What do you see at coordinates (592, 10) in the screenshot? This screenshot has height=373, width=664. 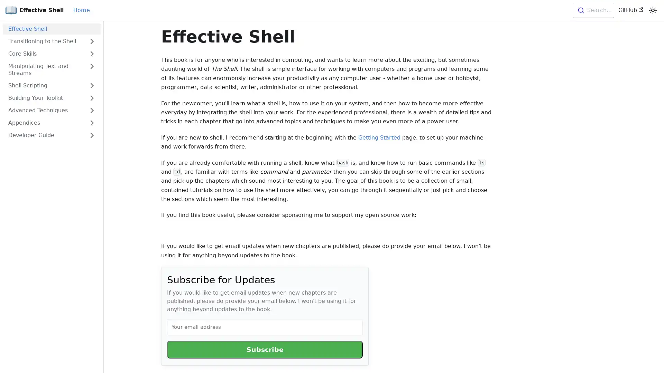 I see `Search...` at bounding box center [592, 10].